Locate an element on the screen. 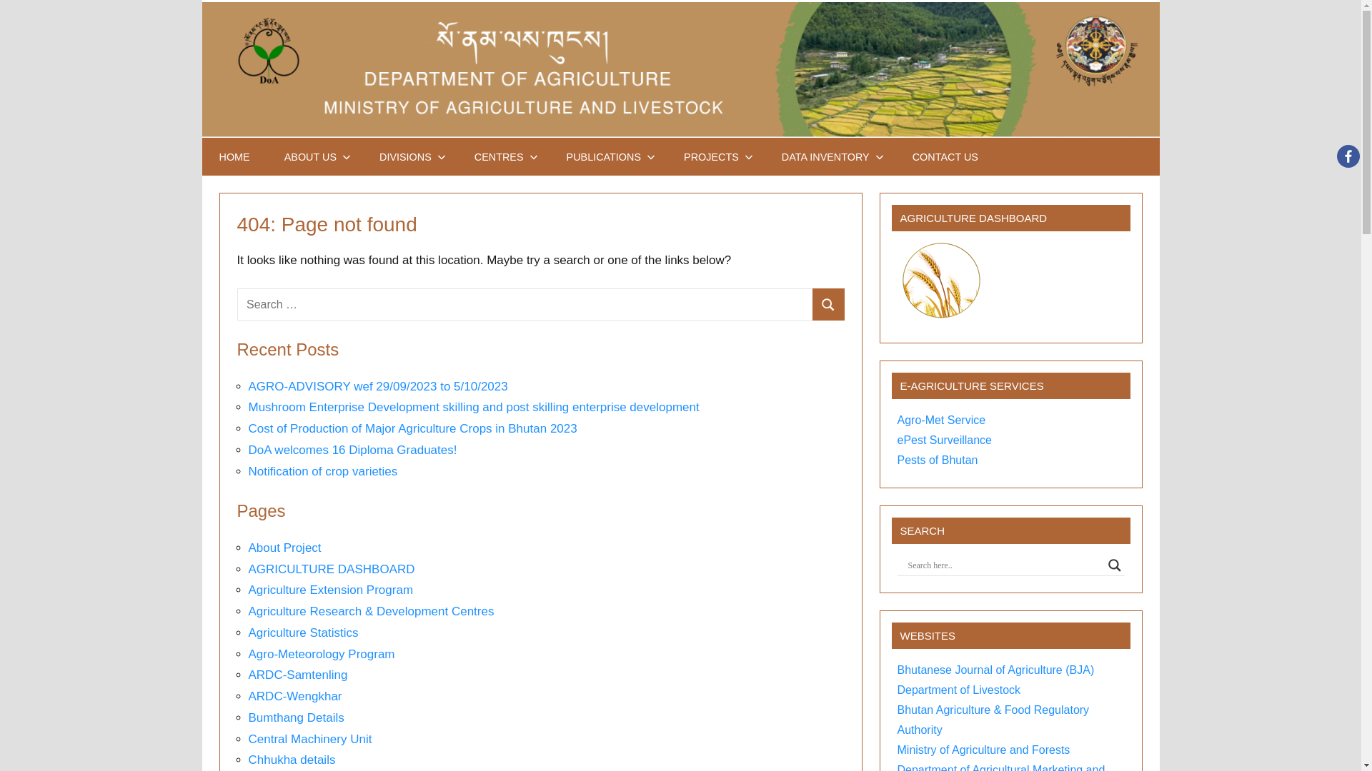  'Bhutanese Journal of Agriculture (BJA)' is located at coordinates (995, 670).